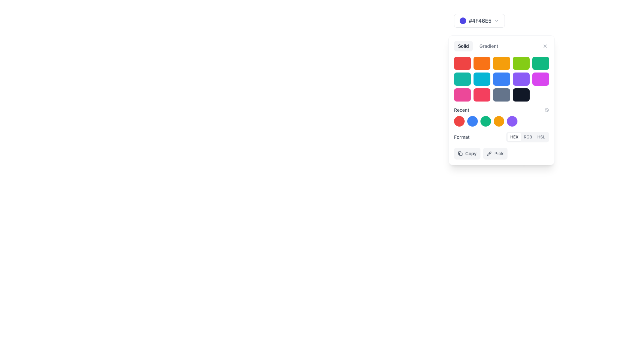 This screenshot has height=356, width=634. Describe the element at coordinates (462, 63) in the screenshot. I see `the first button in the top-left corner of the grid layout` at that location.